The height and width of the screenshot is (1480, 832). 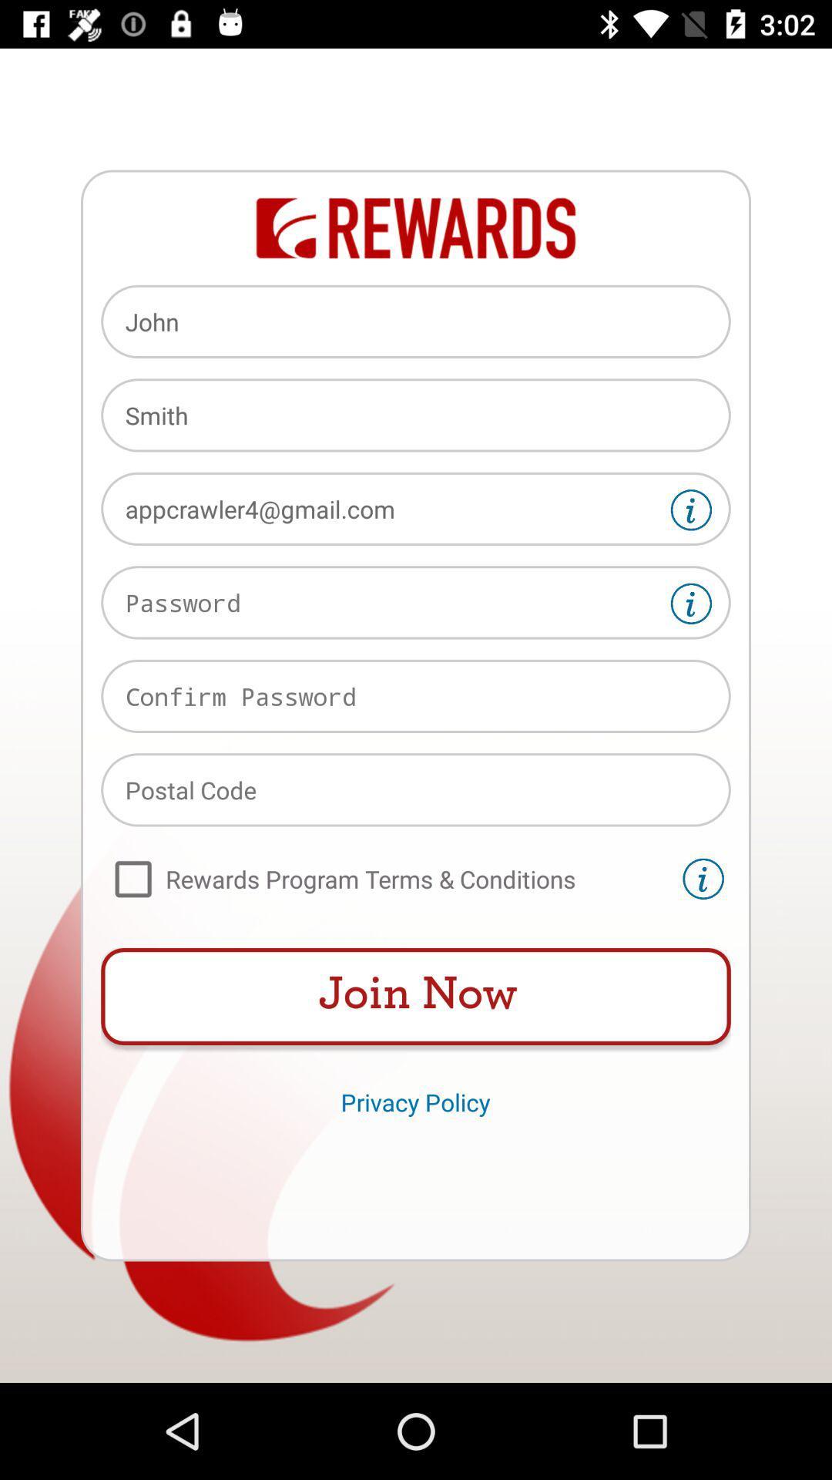 What do you see at coordinates (703, 879) in the screenshot?
I see `information` at bounding box center [703, 879].